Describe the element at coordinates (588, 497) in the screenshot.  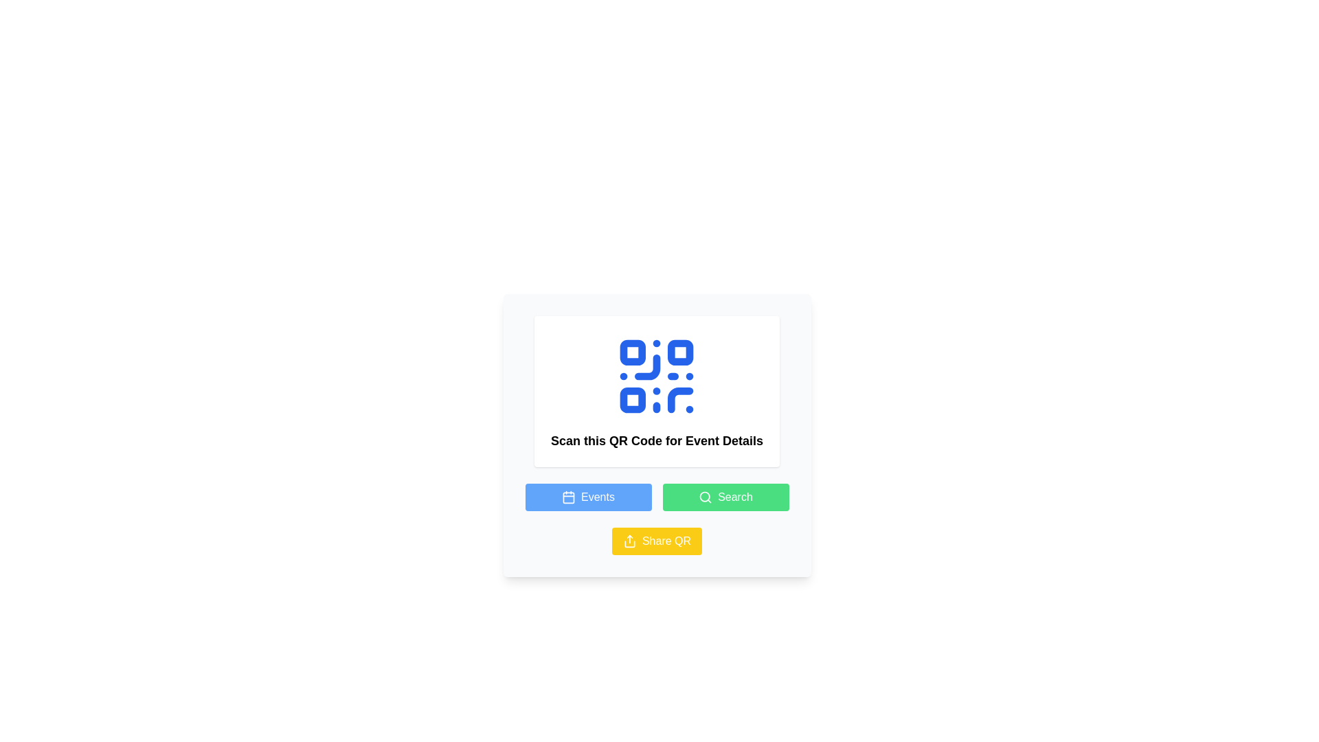
I see `the blue rectangular button labeled 'Events' with a calendar icon to observe any hover effects` at that location.